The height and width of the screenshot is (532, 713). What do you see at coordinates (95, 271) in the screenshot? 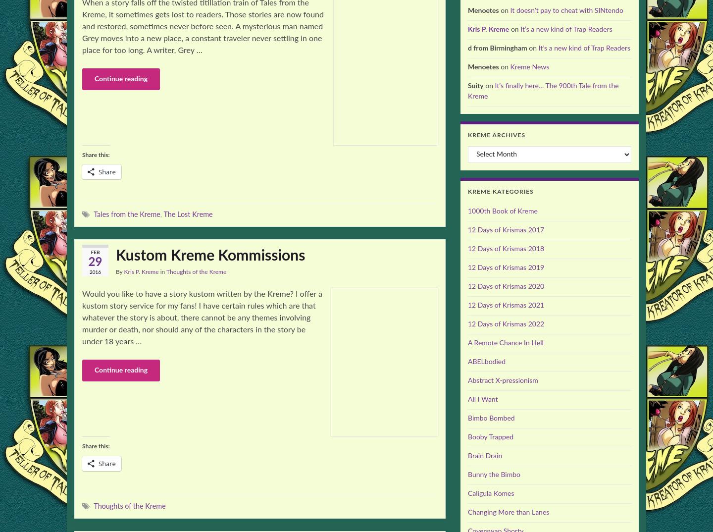
I see `'2016'` at bounding box center [95, 271].